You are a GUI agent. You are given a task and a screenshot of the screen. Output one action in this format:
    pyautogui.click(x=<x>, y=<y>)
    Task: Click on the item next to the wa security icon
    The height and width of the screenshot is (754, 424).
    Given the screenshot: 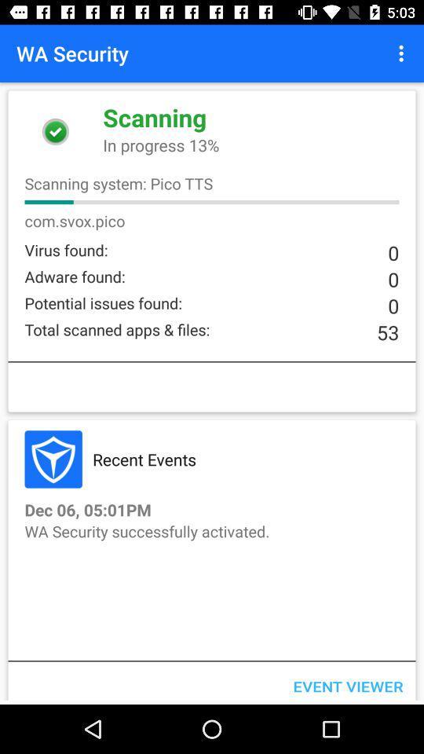 What is the action you would take?
    pyautogui.click(x=403, y=53)
    